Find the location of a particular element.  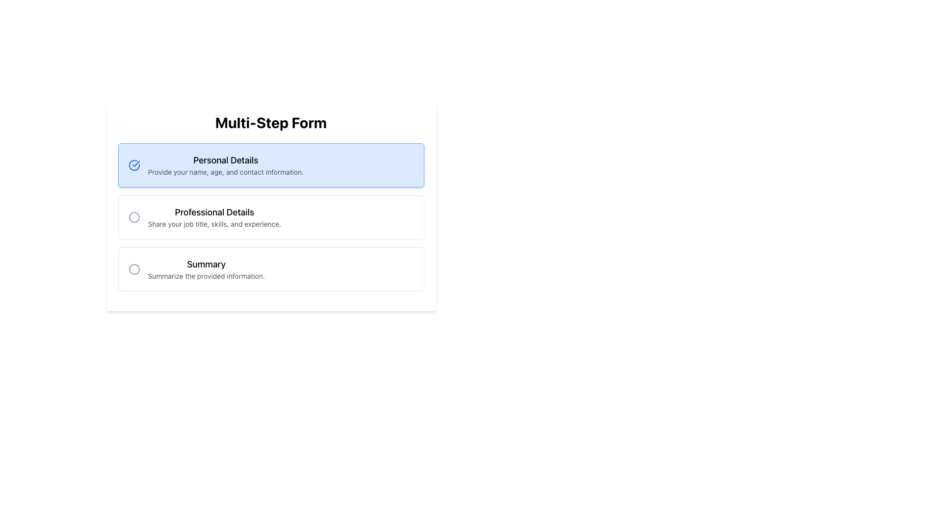

the static text label that reads 'Share your job title, skills, and experience,' which is styled in a smaller light gray font and located under the 'Professional Details' heading is located at coordinates (214, 224).